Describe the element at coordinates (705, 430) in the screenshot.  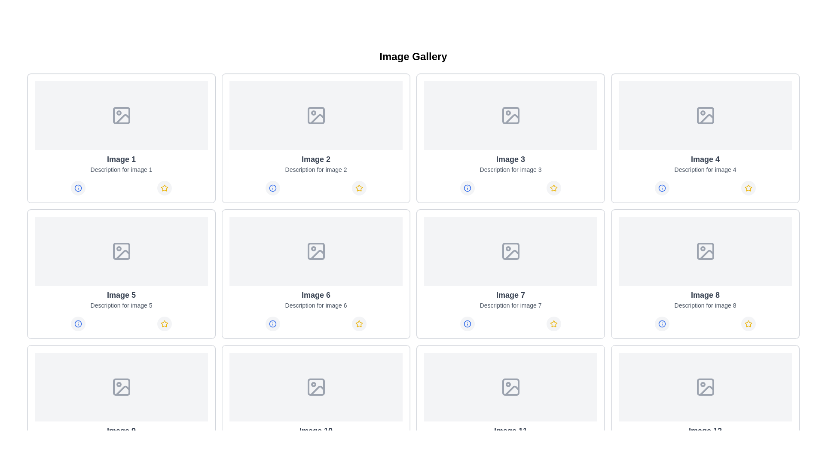
I see `the text label that serves as a title for the associated image or placeholder above it, located in the last row of the grid layout below 'Image 12', and is the second element from the left` at that location.